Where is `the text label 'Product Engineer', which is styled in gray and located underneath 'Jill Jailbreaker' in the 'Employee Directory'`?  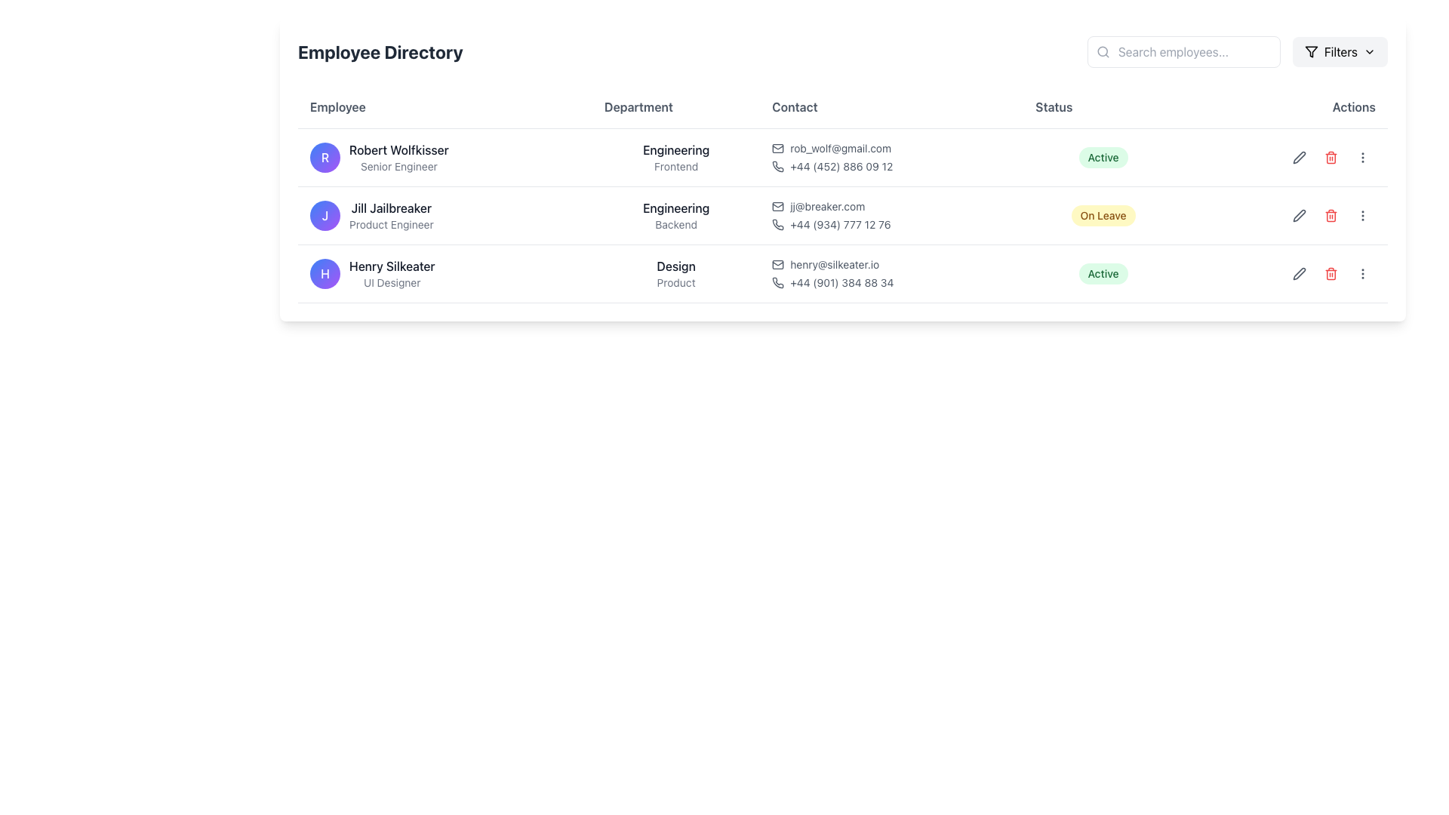 the text label 'Product Engineer', which is styled in gray and located underneath 'Jill Jailbreaker' in the 'Employee Directory' is located at coordinates (391, 224).